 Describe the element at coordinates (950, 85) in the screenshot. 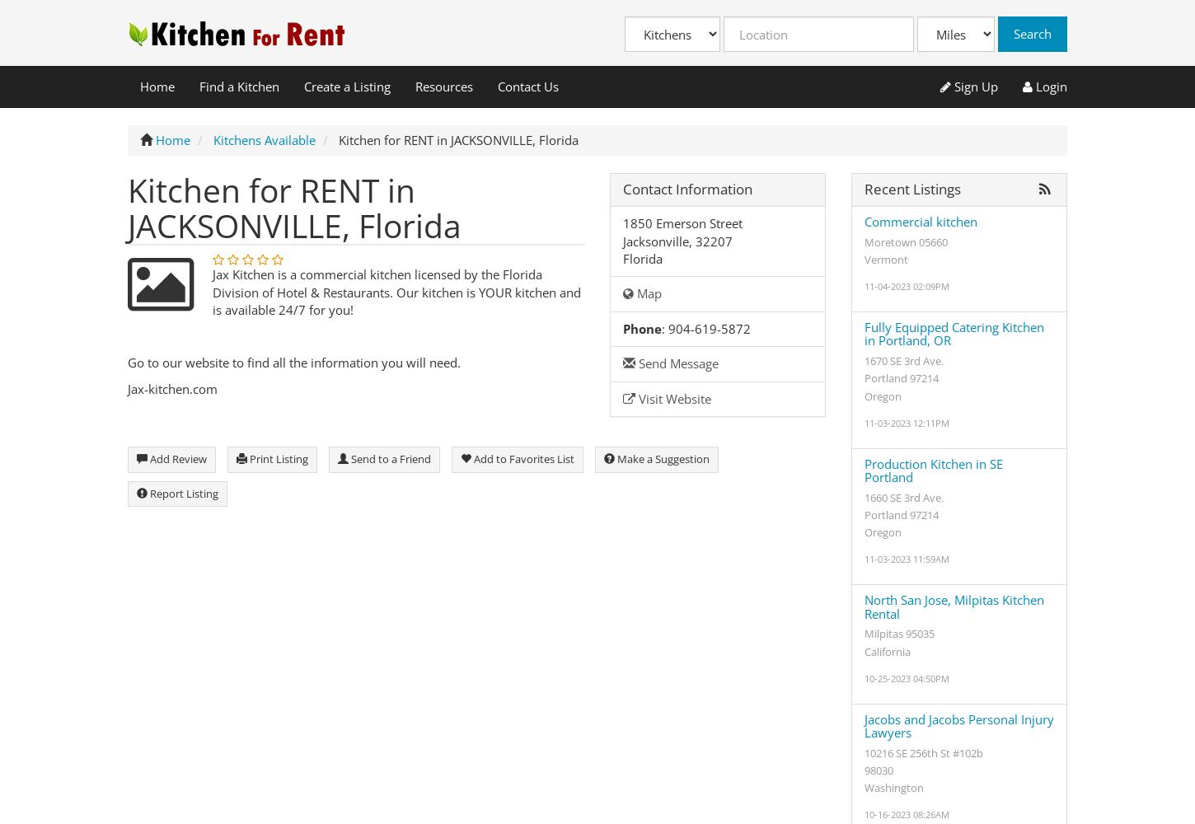

I see `'Sign Up'` at that location.